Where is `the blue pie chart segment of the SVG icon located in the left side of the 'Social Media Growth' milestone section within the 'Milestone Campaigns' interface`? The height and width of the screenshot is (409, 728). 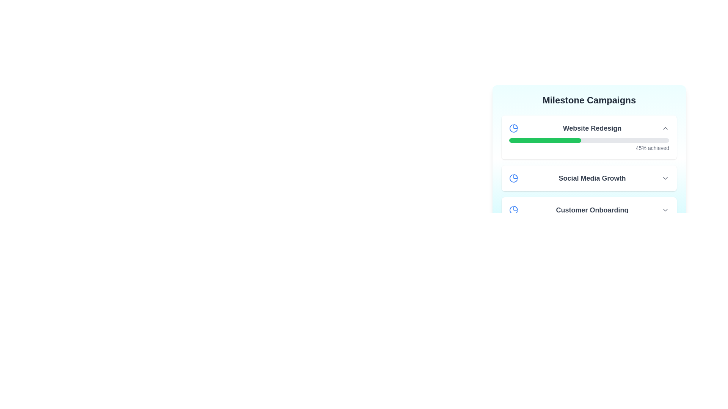
the blue pie chart segment of the SVG icon located in the left side of the 'Social Media Growth' milestone section within the 'Milestone Campaigns' interface is located at coordinates (515, 176).